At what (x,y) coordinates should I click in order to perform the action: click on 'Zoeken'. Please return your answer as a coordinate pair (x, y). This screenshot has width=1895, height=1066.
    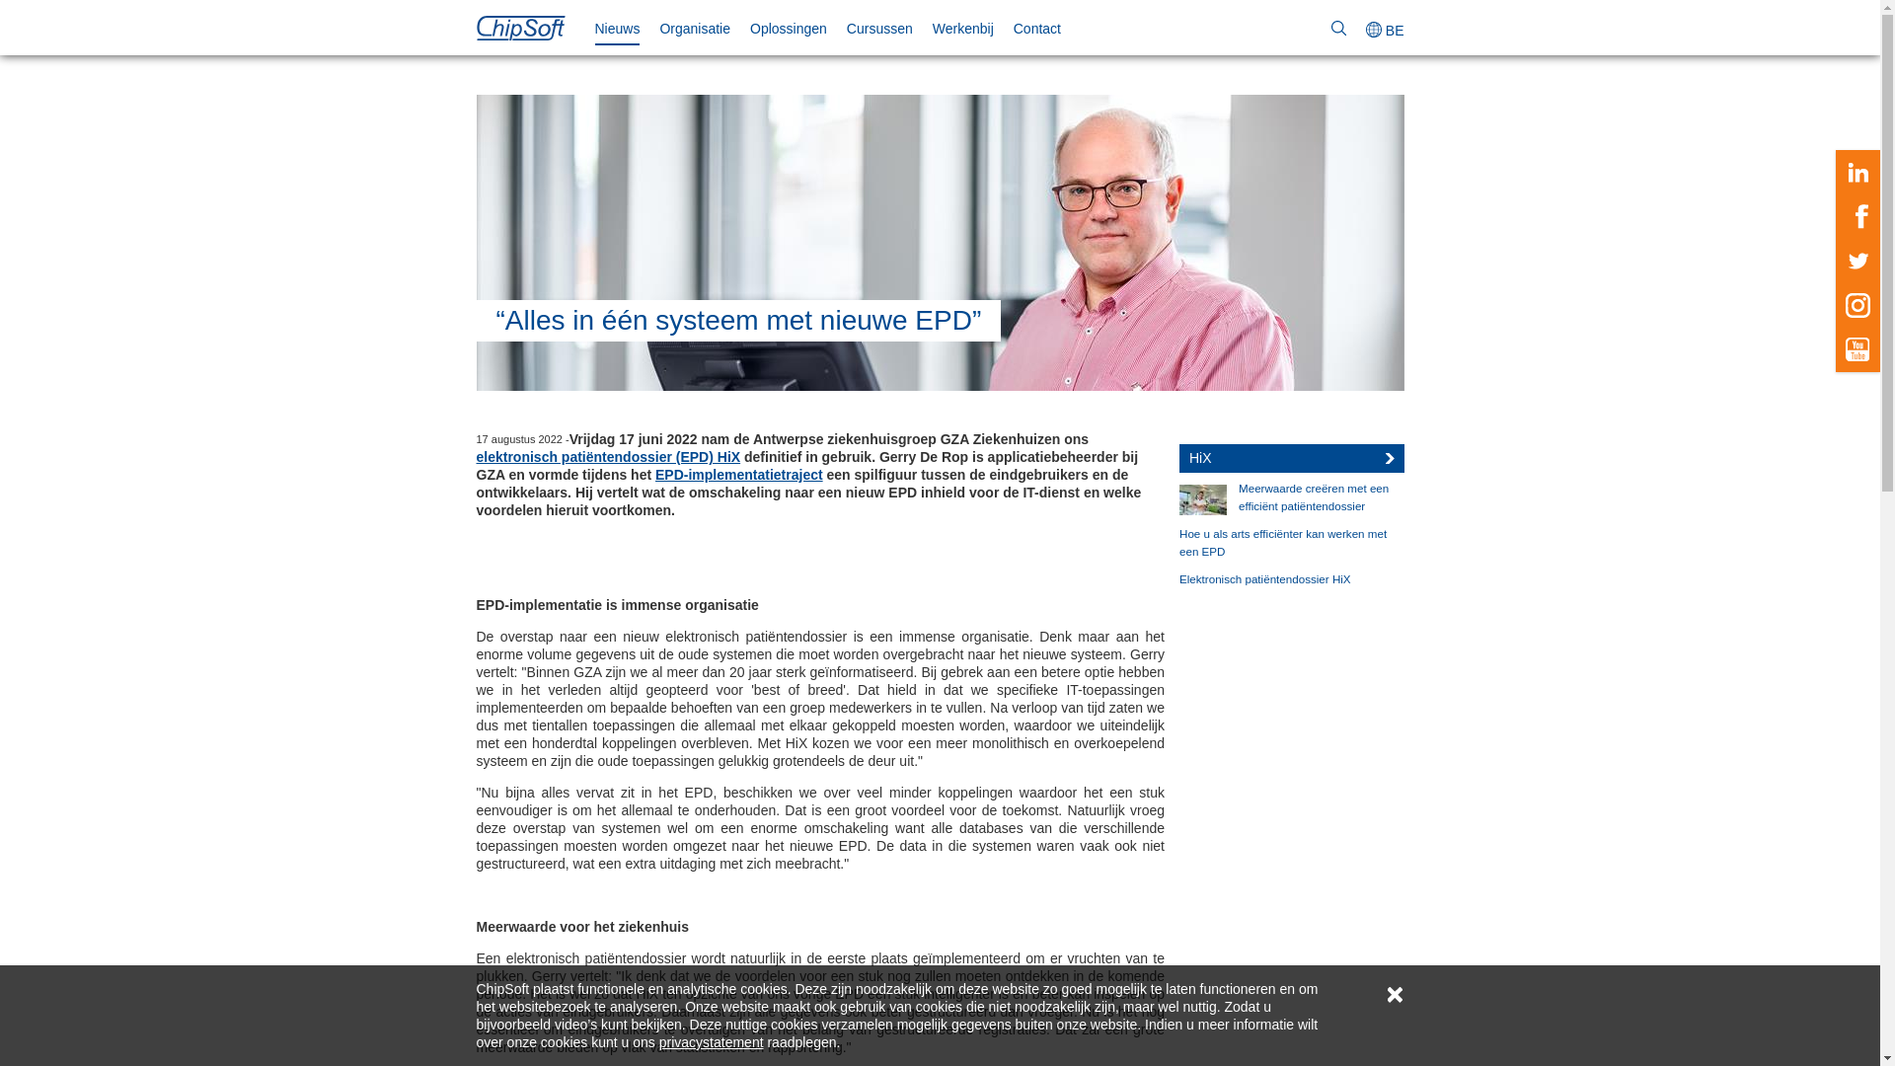
    Looking at the image, I should click on (1338, 27).